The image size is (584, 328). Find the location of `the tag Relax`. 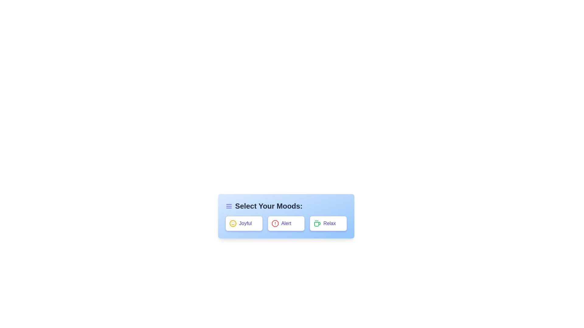

the tag Relax is located at coordinates (328, 224).